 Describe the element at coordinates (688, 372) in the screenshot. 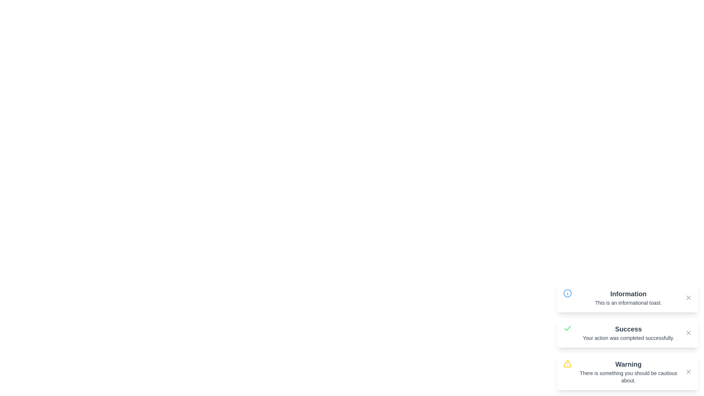

I see `the small 'X' icon close button at the top-right corner of the notification card marked 'Warning' to slightly change its color` at that location.